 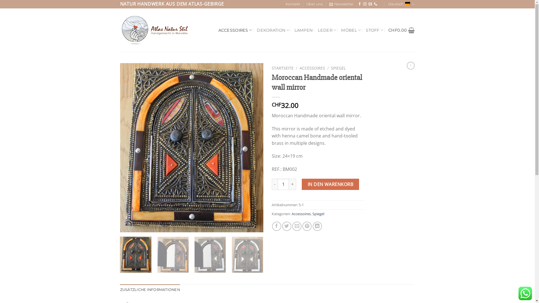 I want to click on 'SPIEGEL', so click(x=331, y=68).